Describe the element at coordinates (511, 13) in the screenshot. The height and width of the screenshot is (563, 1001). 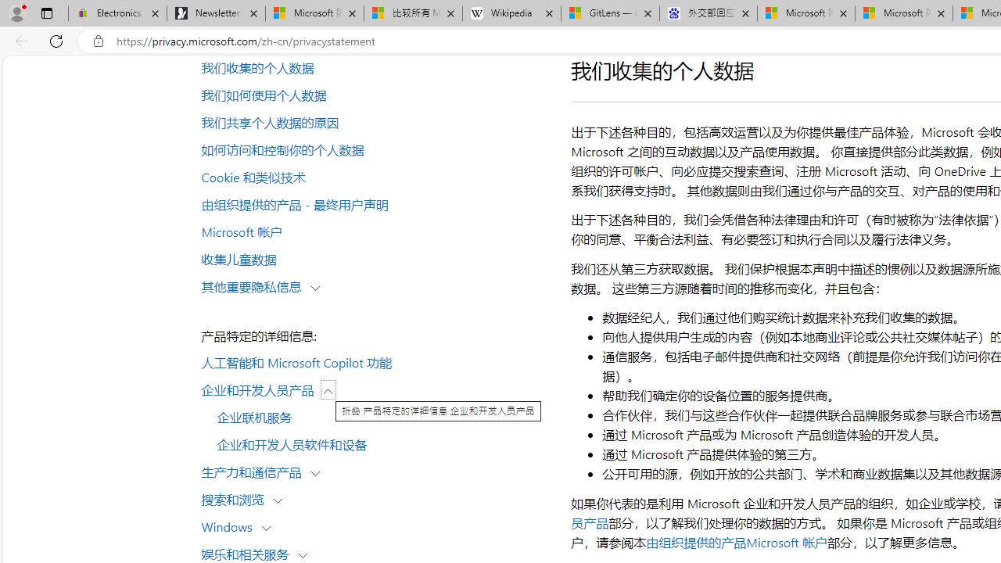
I see `'Wikipedia'` at that location.